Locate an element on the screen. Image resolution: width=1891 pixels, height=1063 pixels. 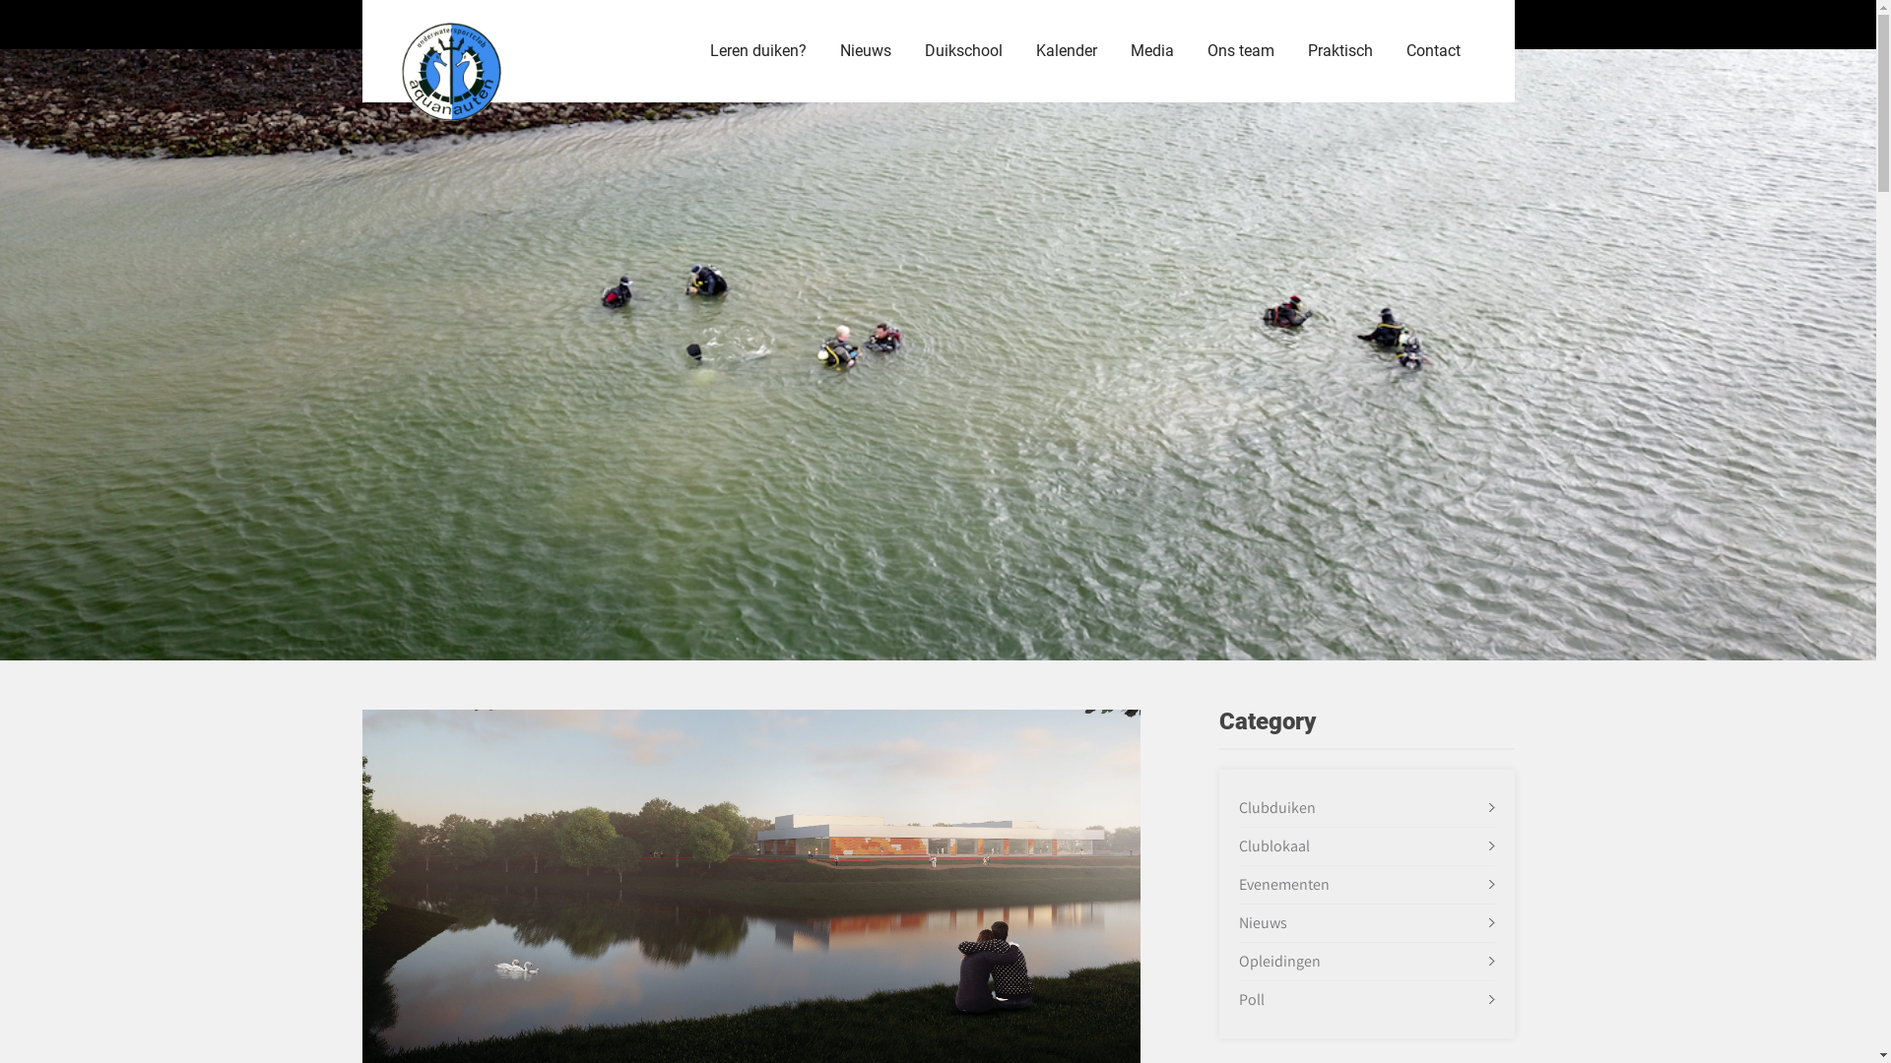
'Contact' is located at coordinates (1389, 49).